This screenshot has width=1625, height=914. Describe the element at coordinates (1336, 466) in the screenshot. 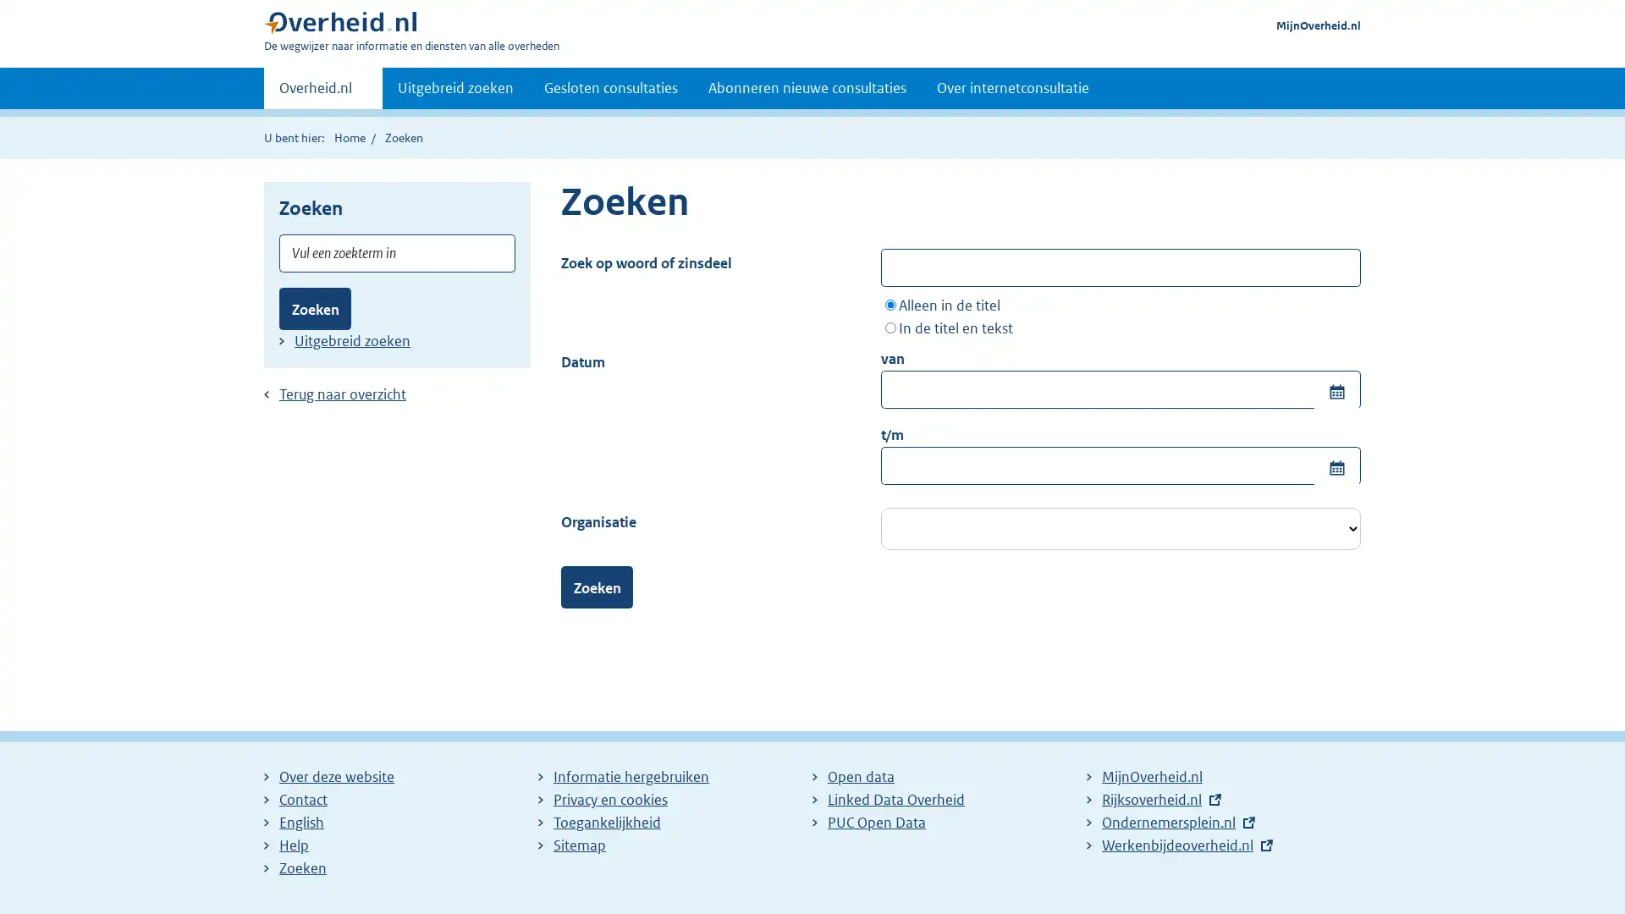

I see `Toon kalender` at that location.